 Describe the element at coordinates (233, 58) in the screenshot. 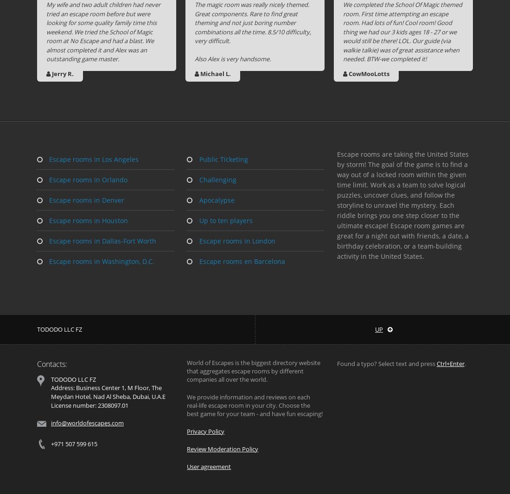

I see `'Also Alex is very handsome.'` at that location.